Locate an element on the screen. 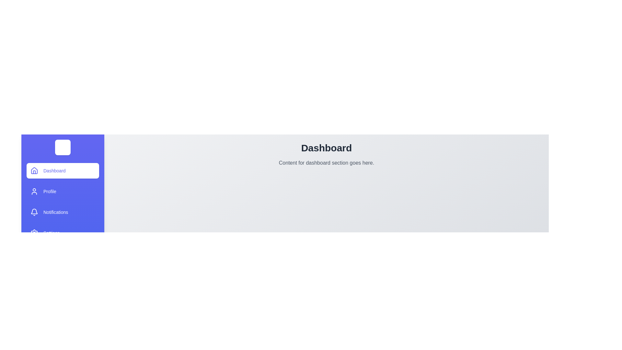 The width and height of the screenshot is (622, 350). the tab labeled Notifications from the drawer is located at coordinates (63, 212).